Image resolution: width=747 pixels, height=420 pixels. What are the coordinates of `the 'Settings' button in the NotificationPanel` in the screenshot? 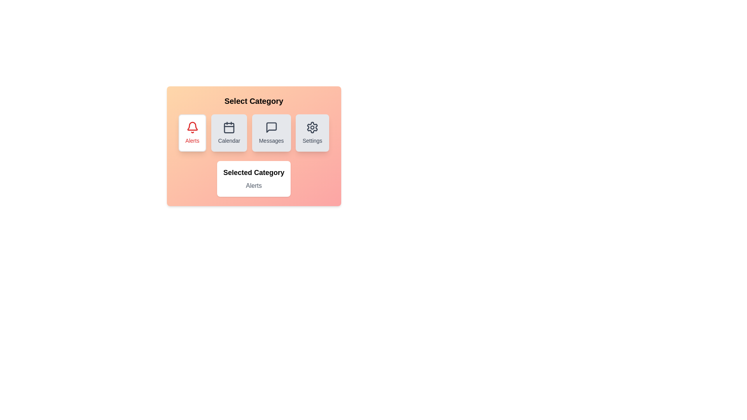 It's located at (312, 133).